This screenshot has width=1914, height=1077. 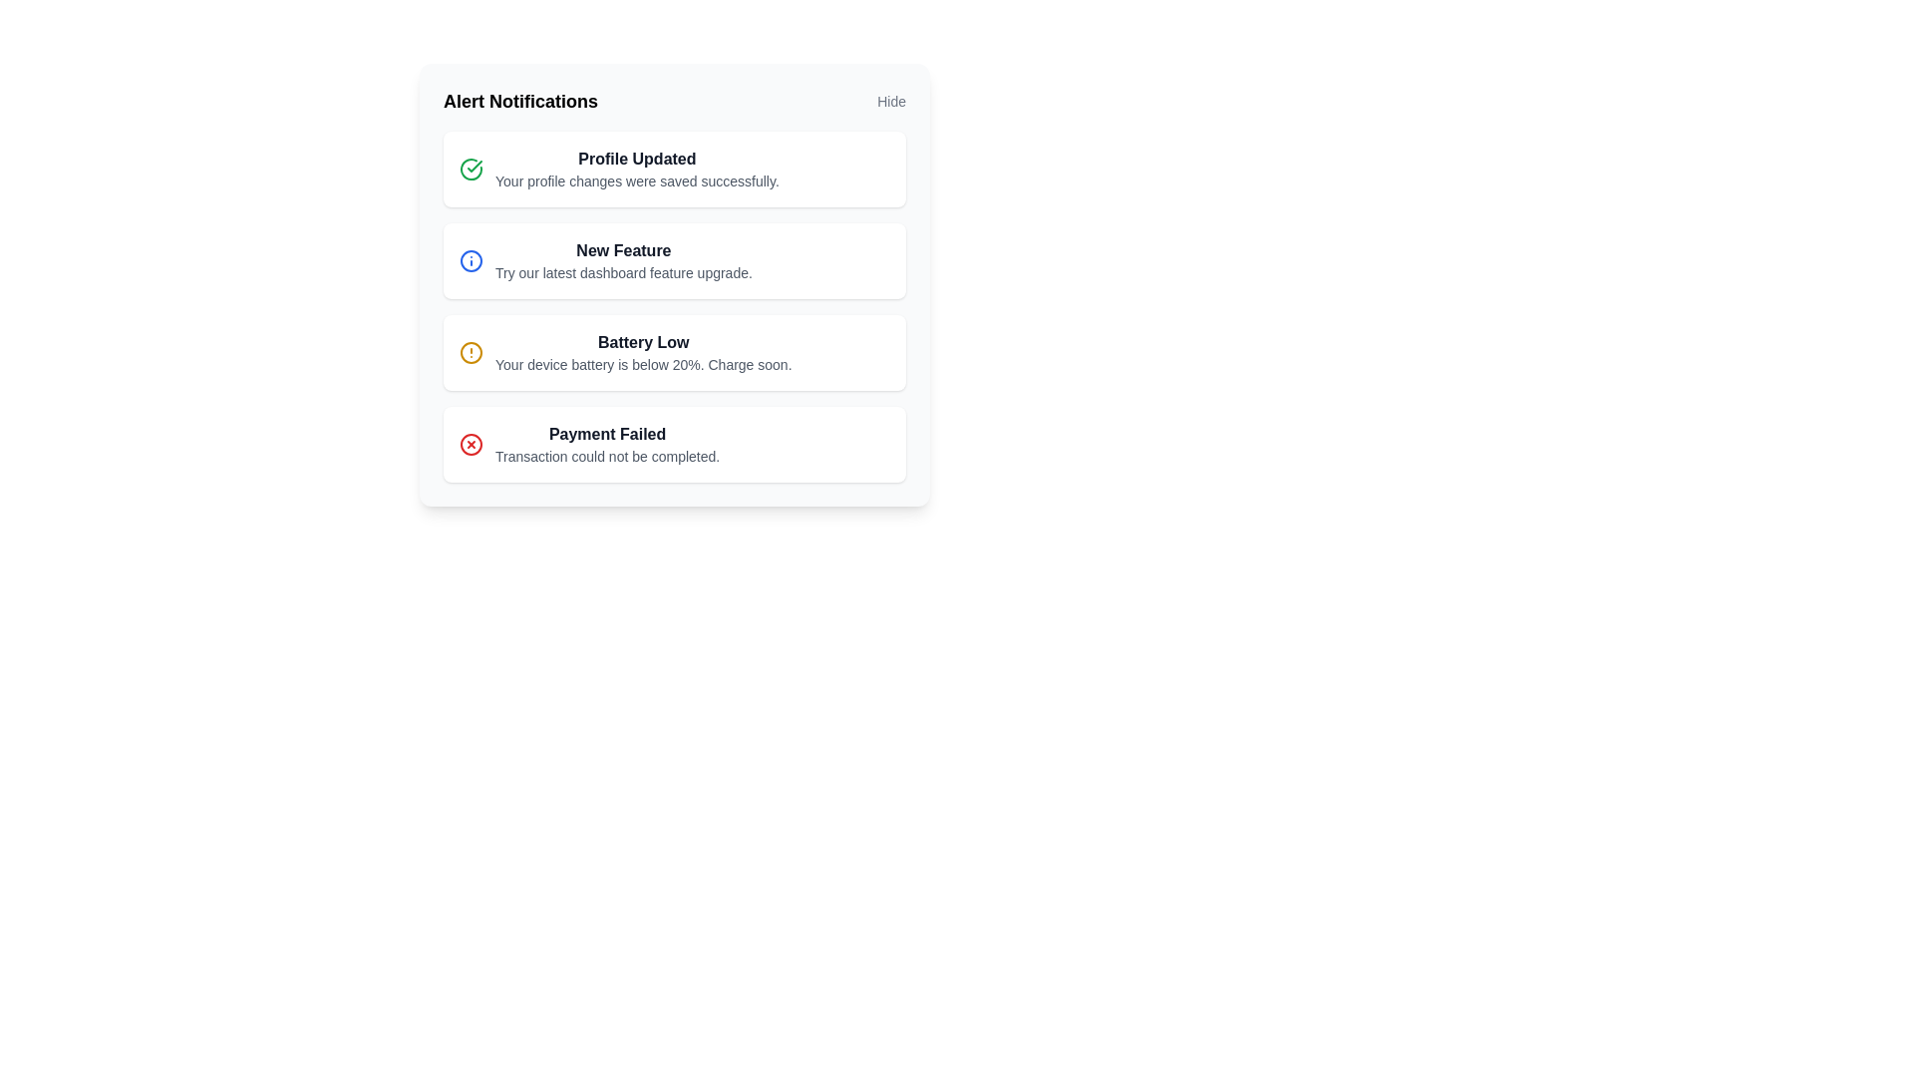 What do you see at coordinates (636, 158) in the screenshot?
I see `the Text Label that indicates the title of the notification, positioned at the top left of the notification card` at bounding box center [636, 158].